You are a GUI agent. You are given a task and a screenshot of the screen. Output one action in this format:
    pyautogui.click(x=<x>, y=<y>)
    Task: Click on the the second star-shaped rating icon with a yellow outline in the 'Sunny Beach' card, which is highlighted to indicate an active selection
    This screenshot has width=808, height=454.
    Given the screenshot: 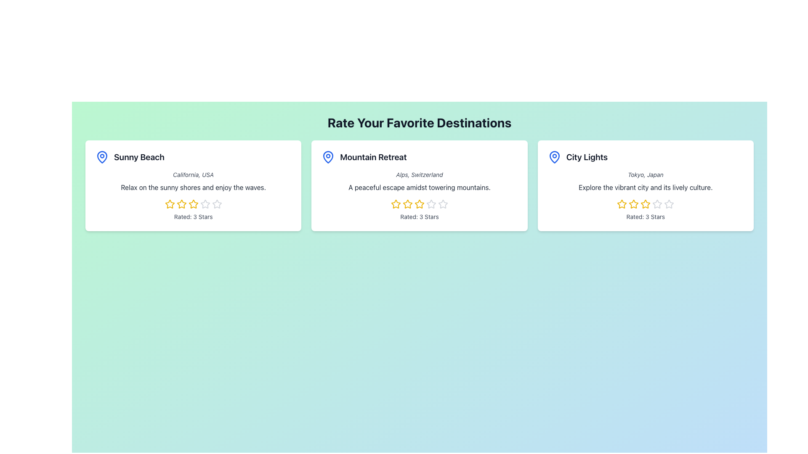 What is the action you would take?
    pyautogui.click(x=181, y=204)
    